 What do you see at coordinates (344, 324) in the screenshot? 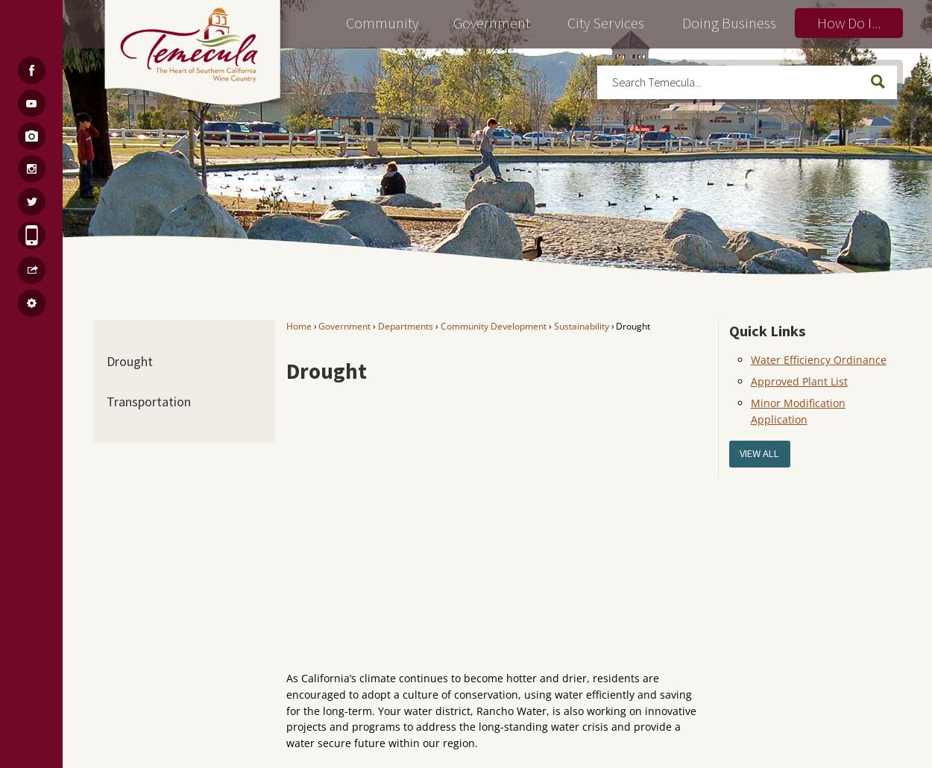
I see `'Government'` at bounding box center [344, 324].